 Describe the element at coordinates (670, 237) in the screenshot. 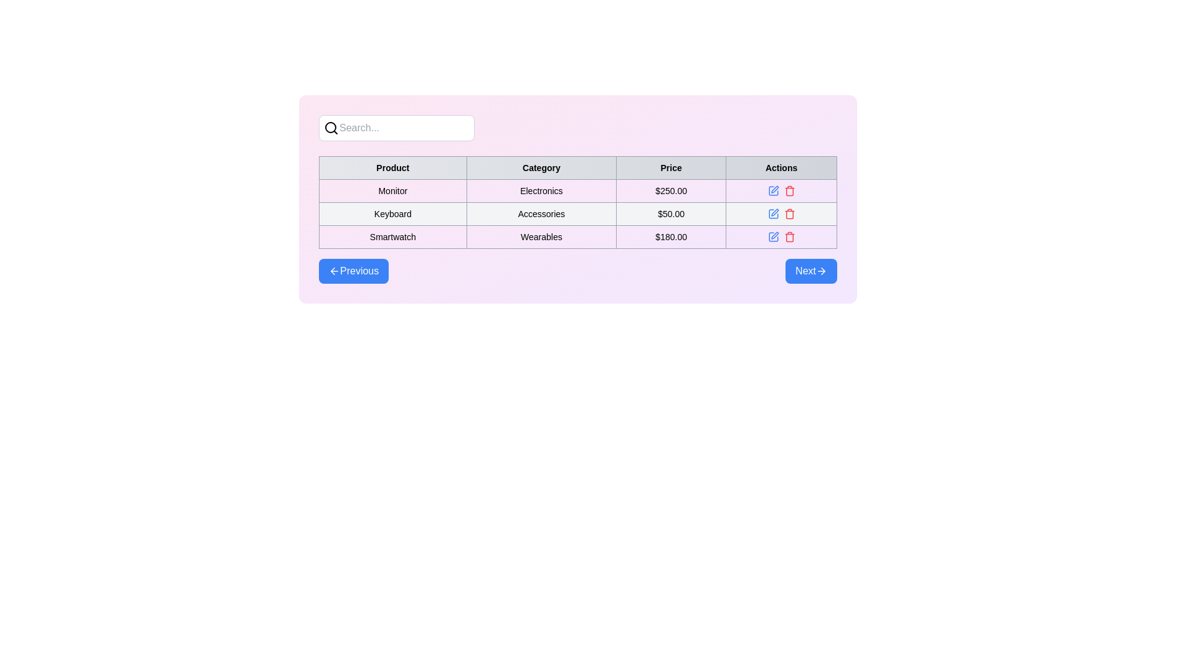

I see `the price label displaying '$180.00' in bold text, located in the third row of the 'Price' column for the 'Smartwatch' item` at that location.